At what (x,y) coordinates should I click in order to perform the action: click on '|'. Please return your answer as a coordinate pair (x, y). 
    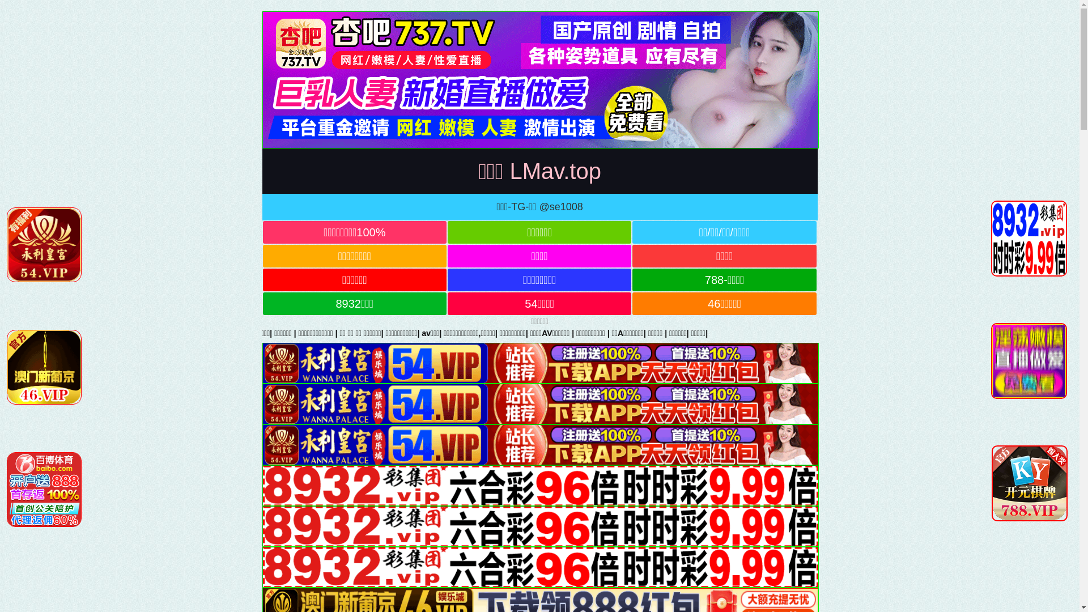
    Looking at the image, I should click on (465, 332).